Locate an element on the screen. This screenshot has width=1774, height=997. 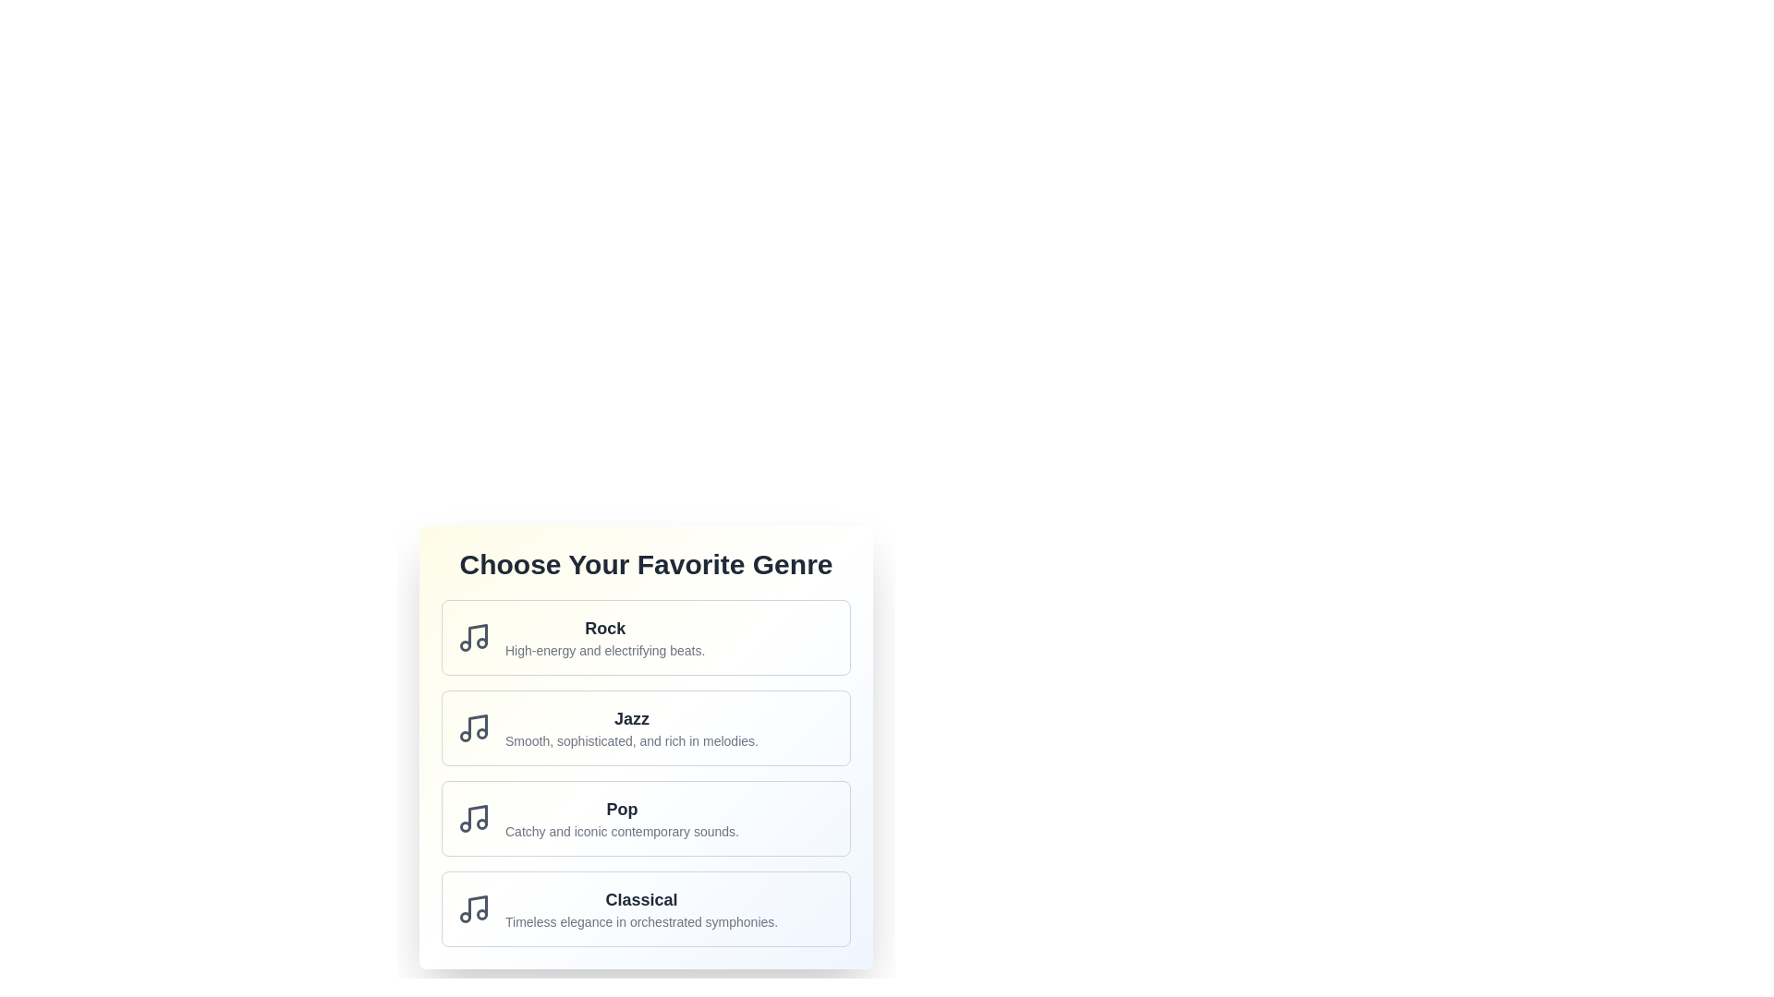
the bottom-left circular component of the music note icon in the Classical section of the music genres list is located at coordinates (466, 918).